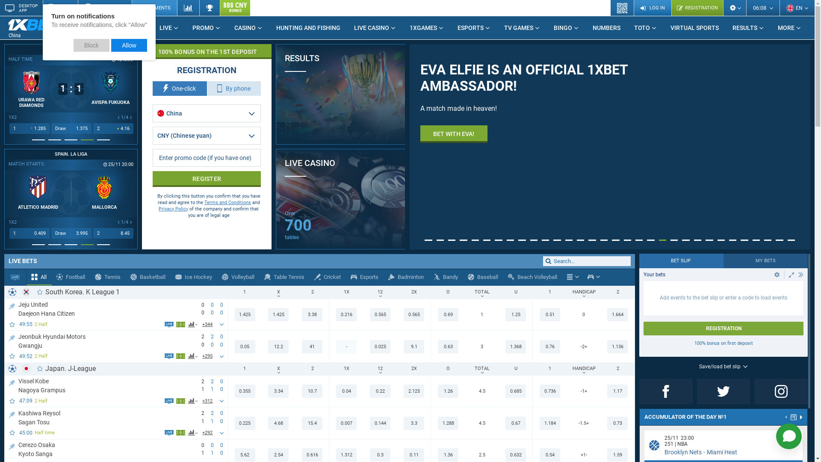 Image resolution: width=821 pixels, height=462 pixels. What do you see at coordinates (694, 27) in the screenshot?
I see `'VIRTUAL SPORTS'` at bounding box center [694, 27].